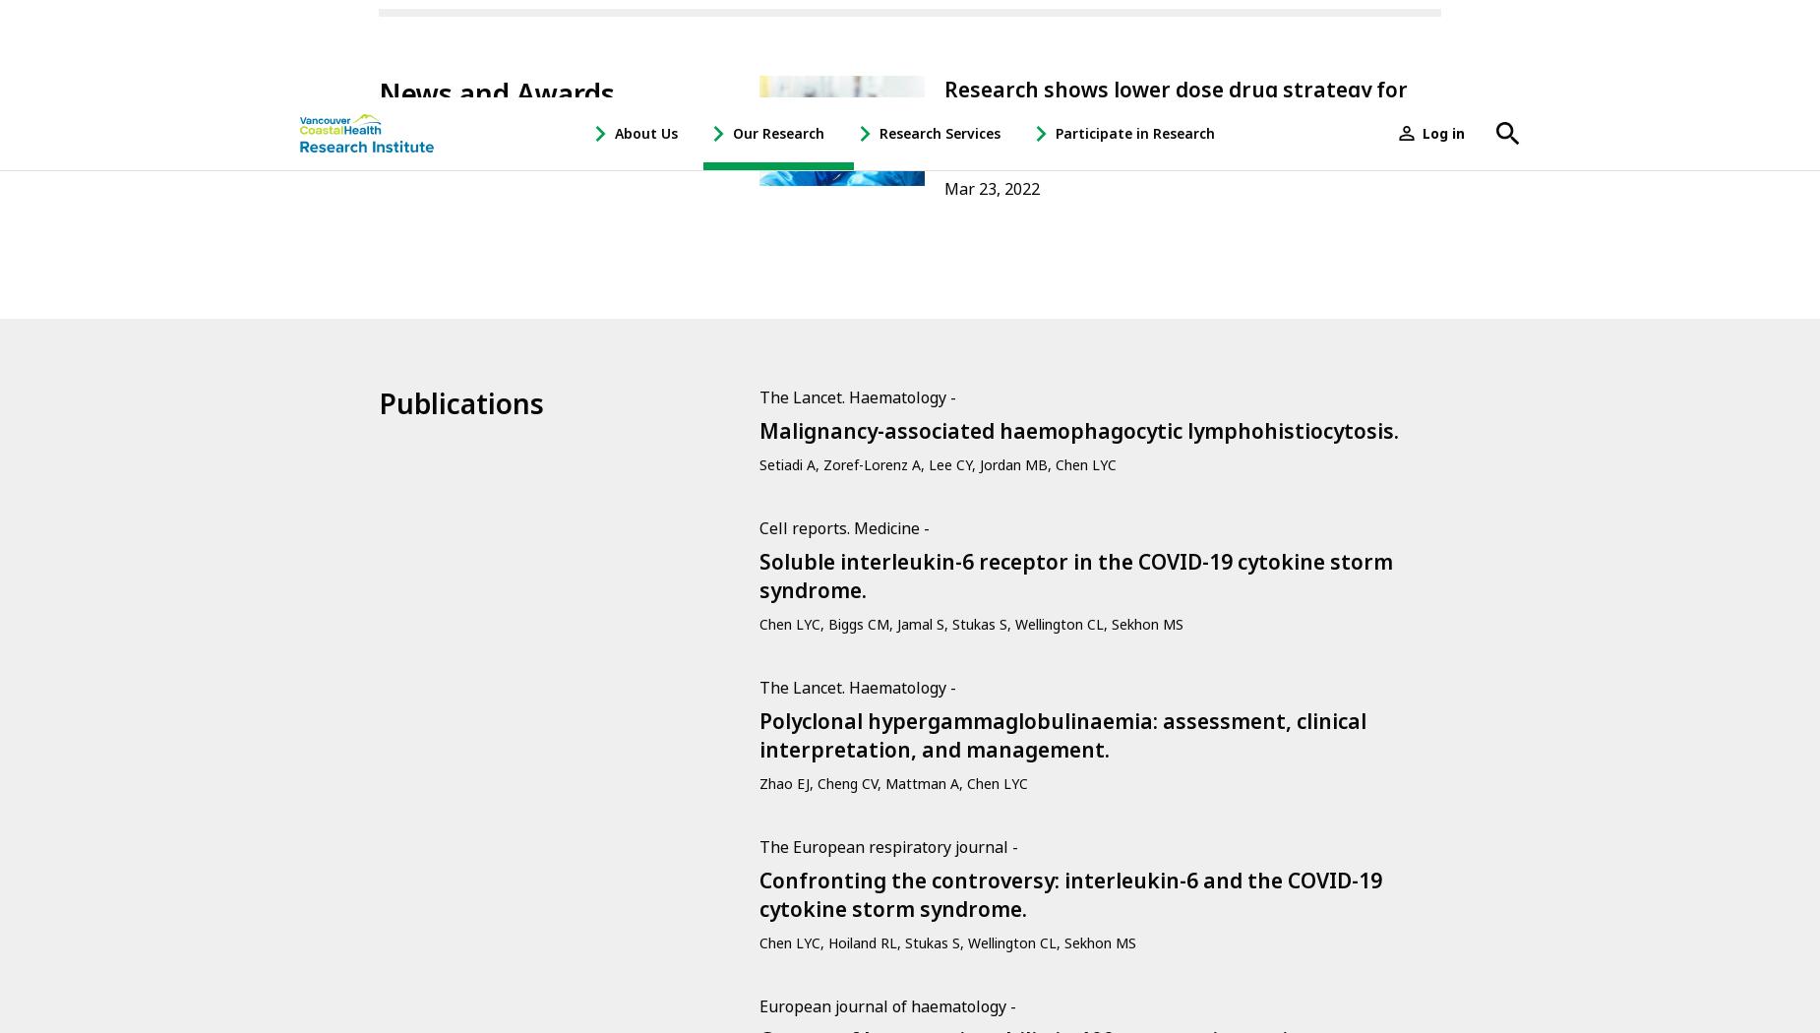  What do you see at coordinates (448, 656) in the screenshot?
I see `'Subscribe'` at bounding box center [448, 656].